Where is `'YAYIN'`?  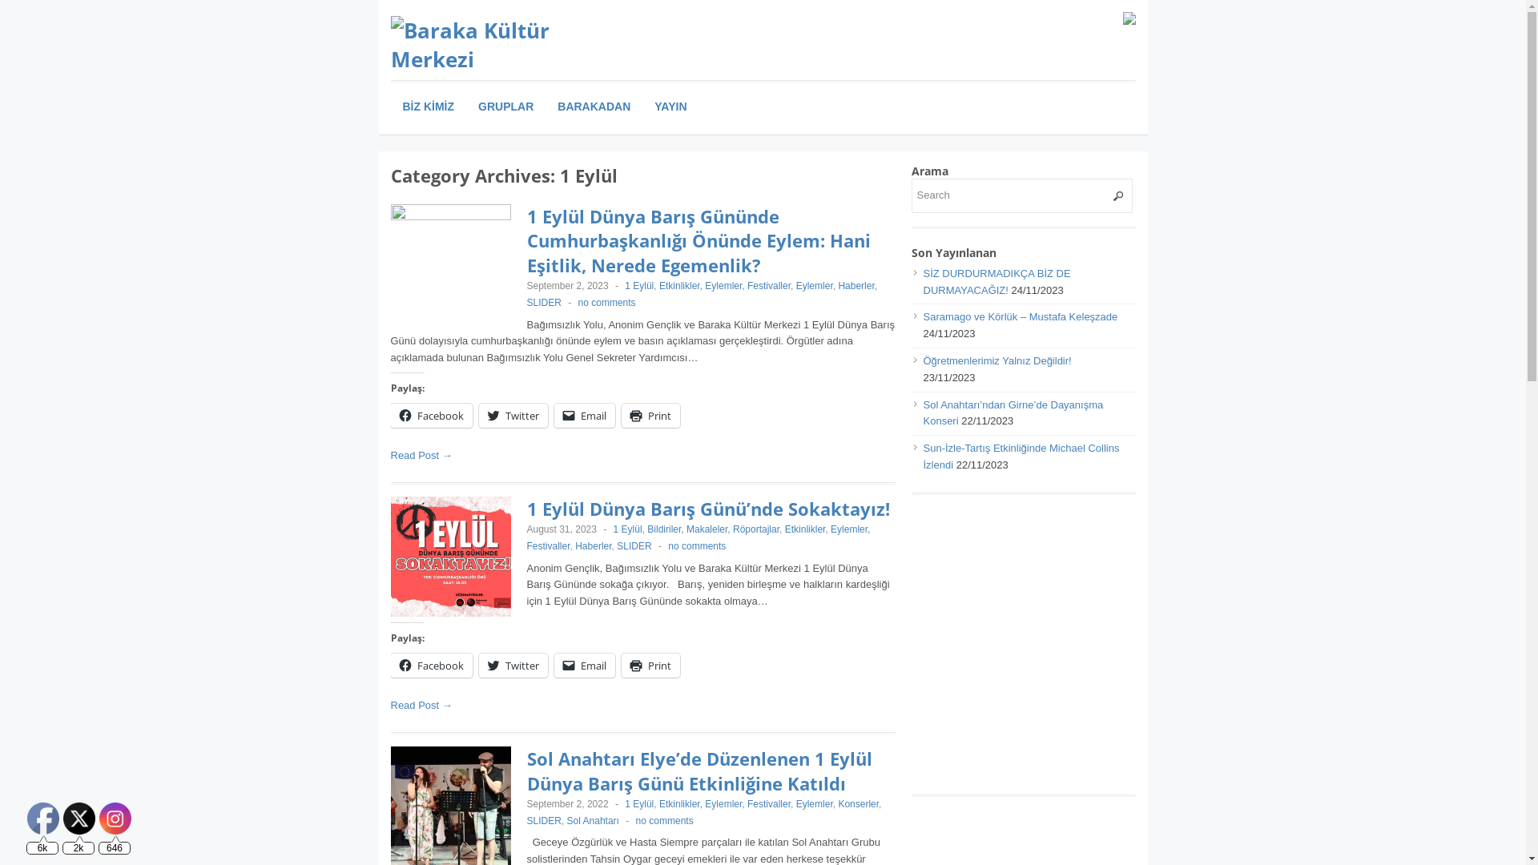
'YAYIN' is located at coordinates (670, 106).